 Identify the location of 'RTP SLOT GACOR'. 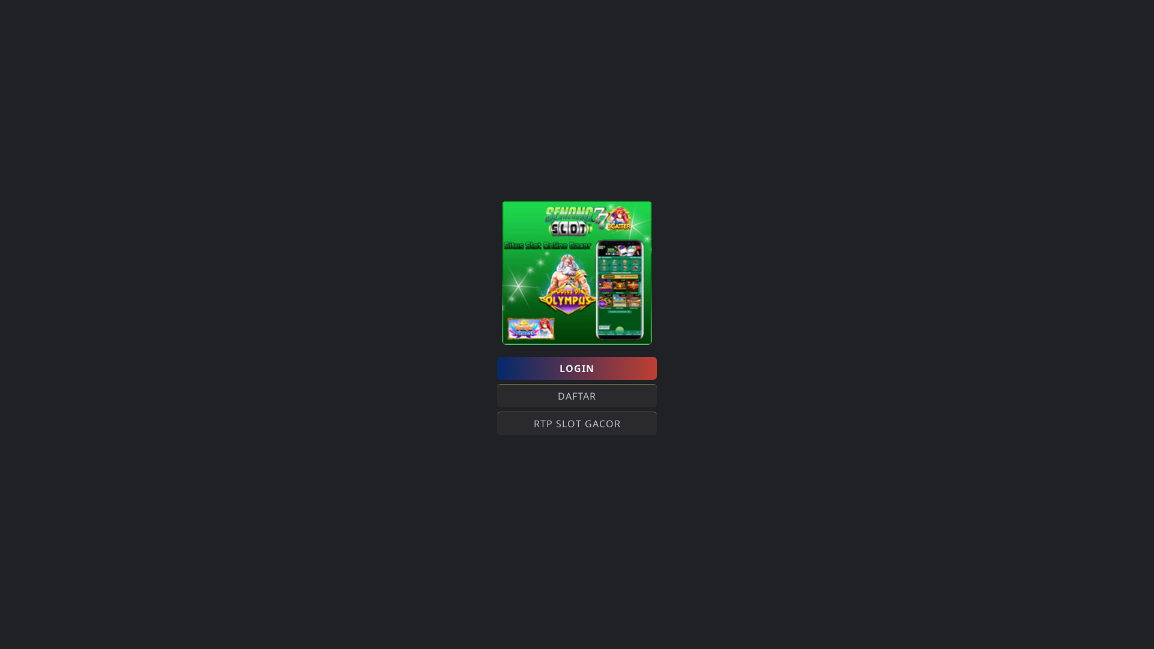
(577, 423).